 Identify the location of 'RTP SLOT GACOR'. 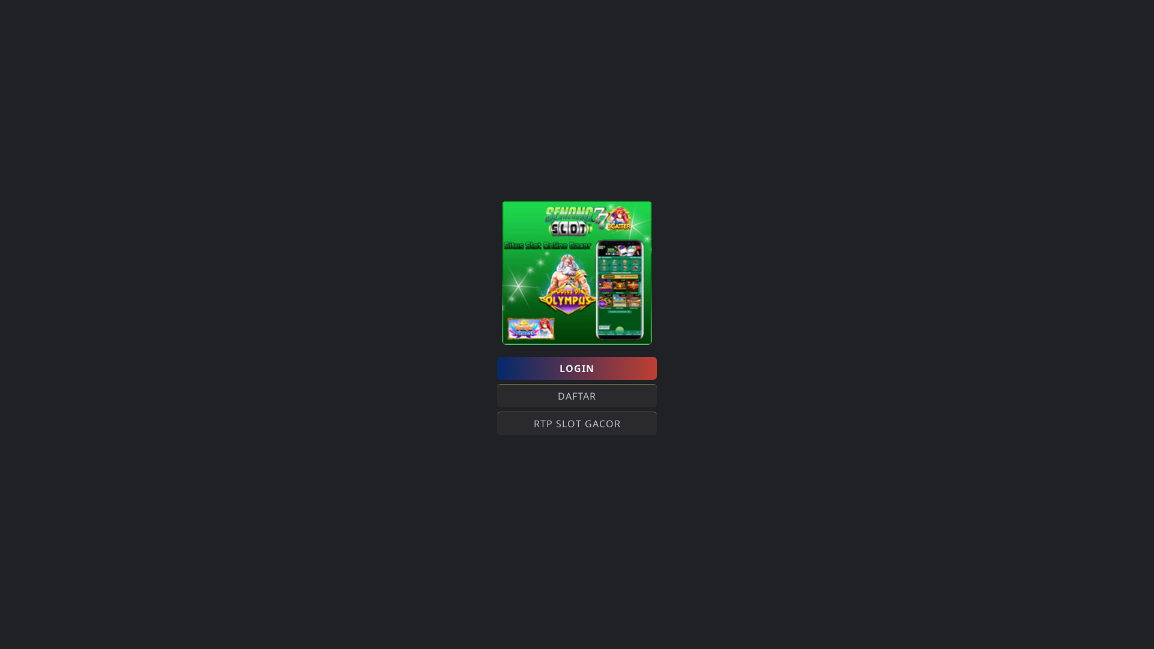
(577, 423).